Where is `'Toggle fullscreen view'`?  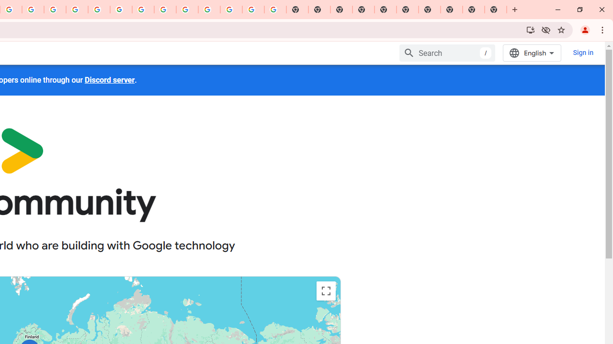 'Toggle fullscreen view' is located at coordinates (326, 290).